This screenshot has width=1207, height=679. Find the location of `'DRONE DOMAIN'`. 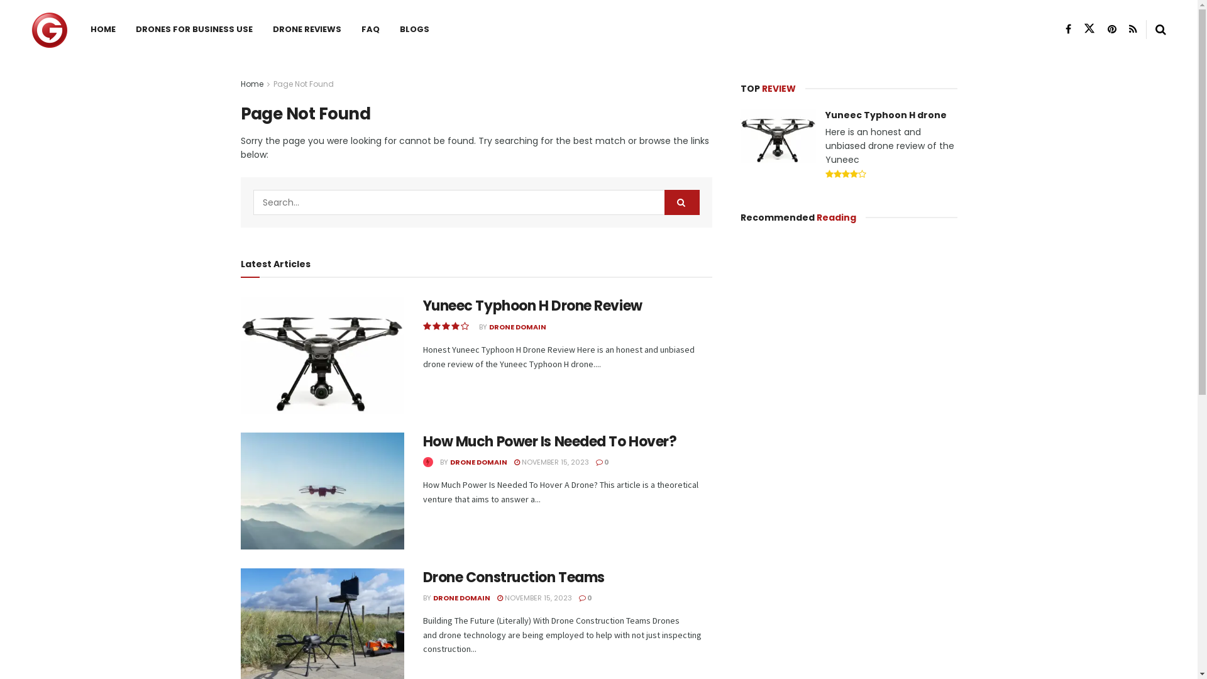

'DRONE DOMAIN' is located at coordinates (488, 326).